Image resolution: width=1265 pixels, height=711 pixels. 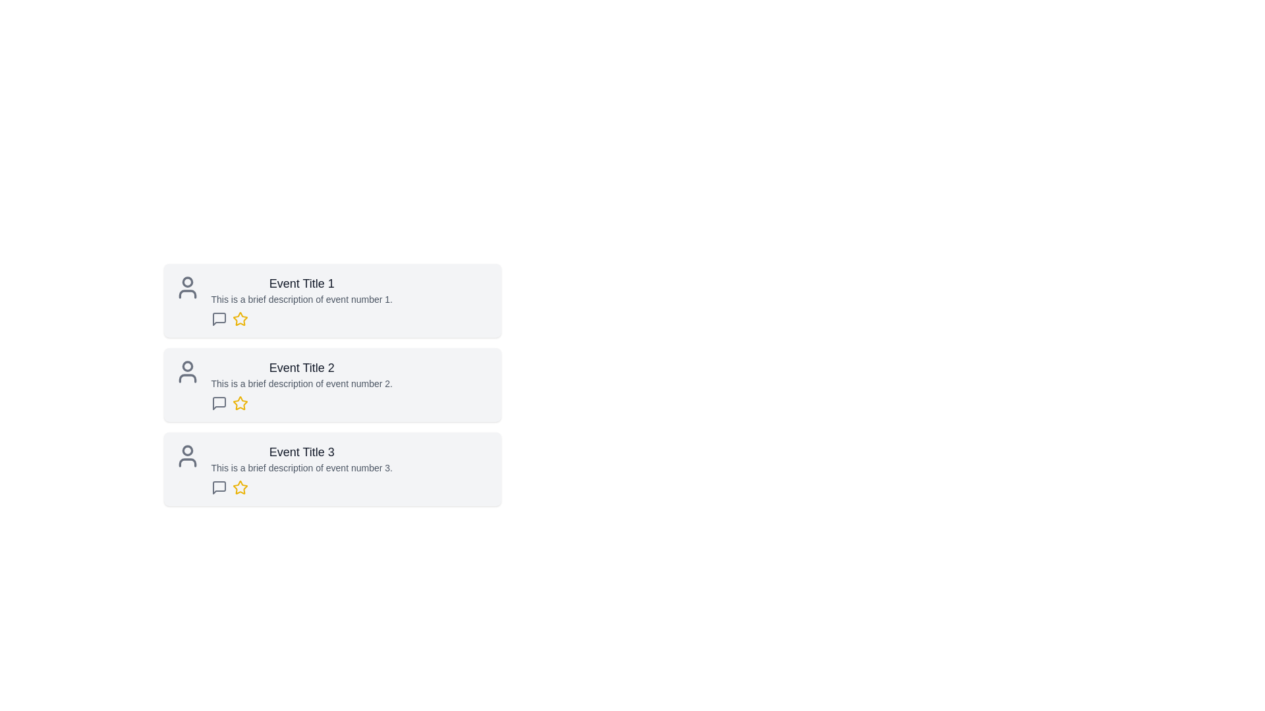 What do you see at coordinates (240, 402) in the screenshot?
I see `the star icon located in the bottom-right corner of the second card from the top` at bounding box center [240, 402].